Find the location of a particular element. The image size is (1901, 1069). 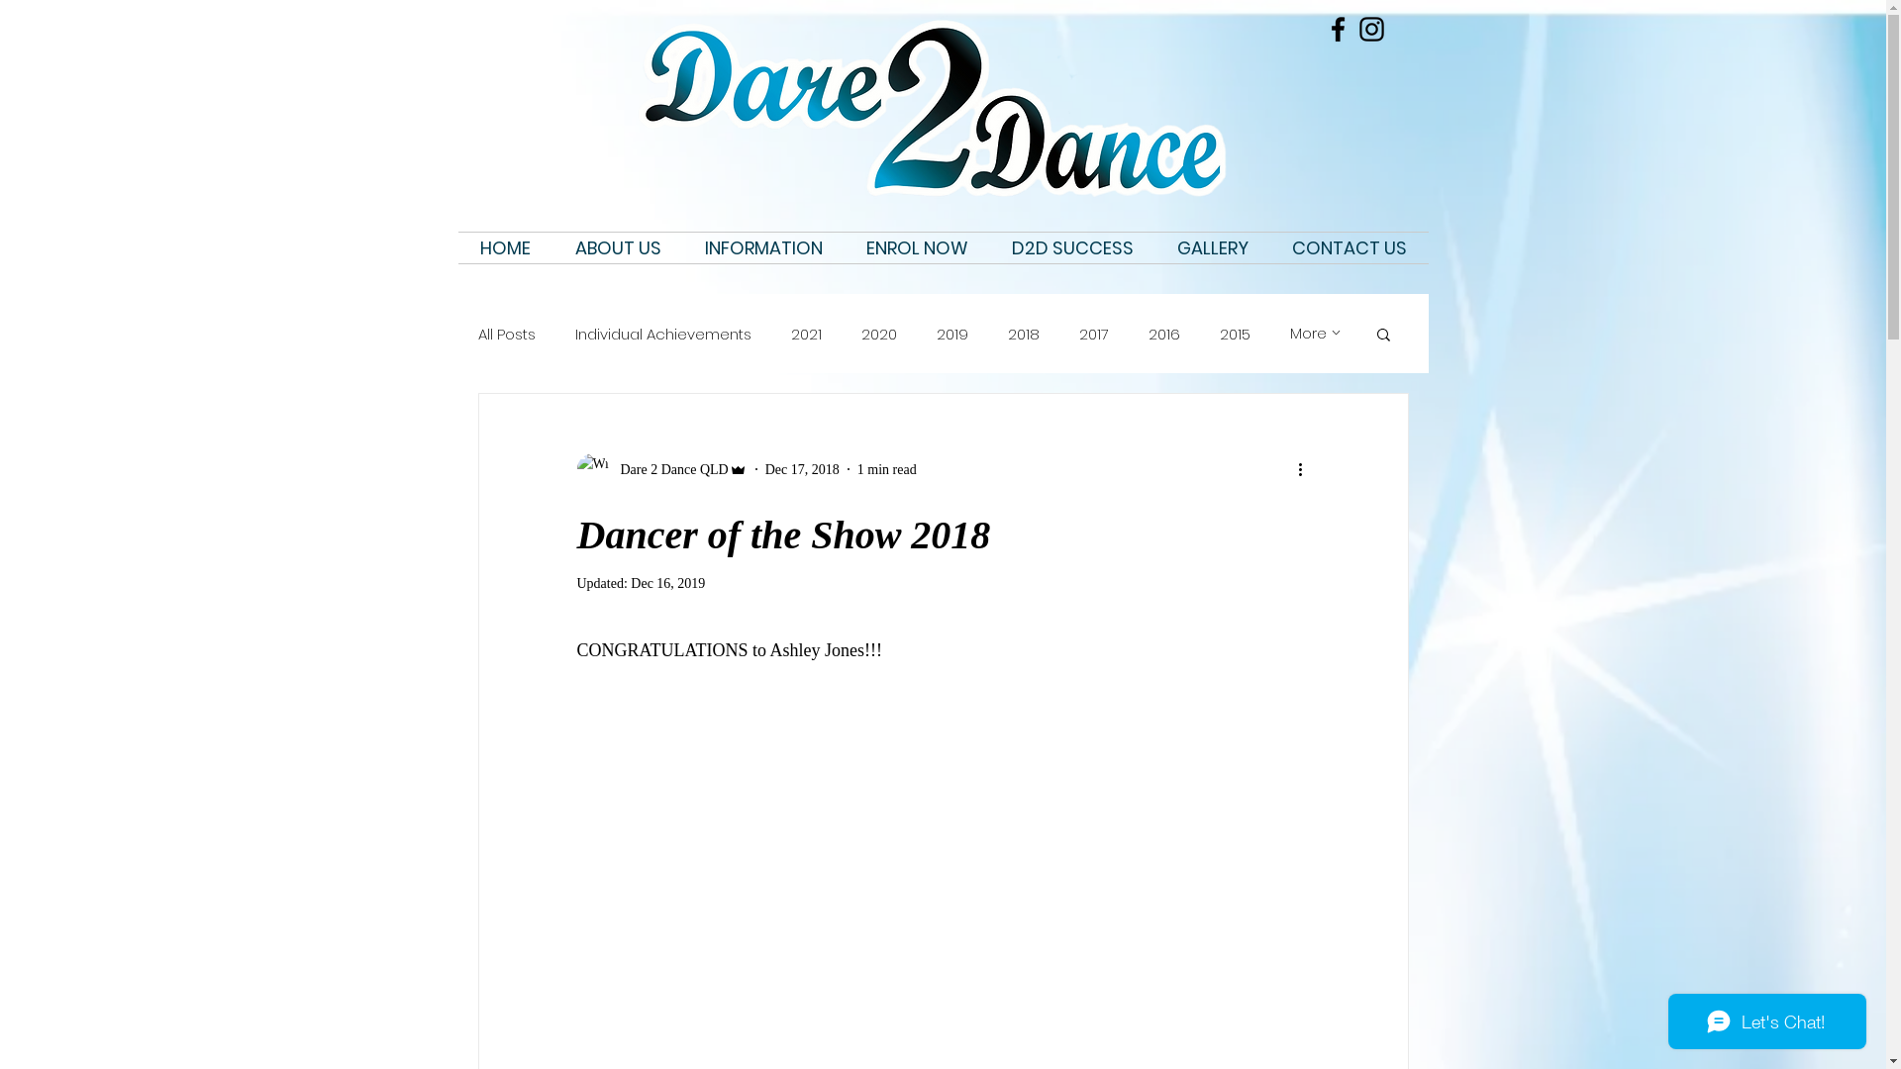

'D2D SUCCESS' is located at coordinates (1071, 246).